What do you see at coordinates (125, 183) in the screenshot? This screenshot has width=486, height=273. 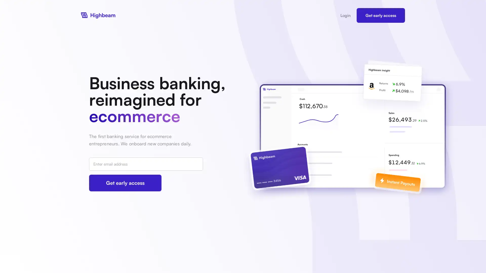 I see `Get early access` at bounding box center [125, 183].